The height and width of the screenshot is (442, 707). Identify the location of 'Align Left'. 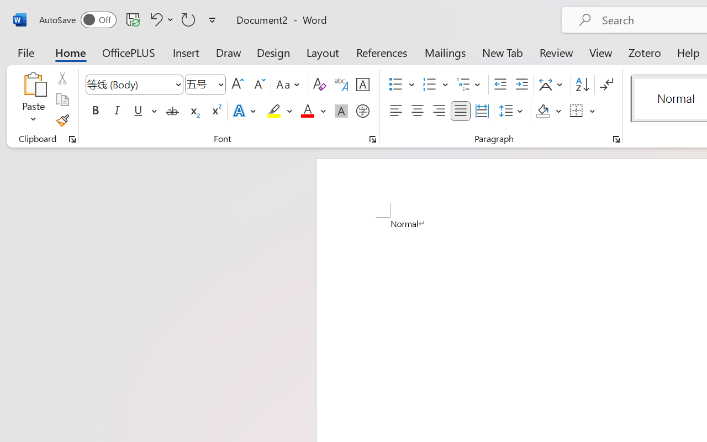
(395, 111).